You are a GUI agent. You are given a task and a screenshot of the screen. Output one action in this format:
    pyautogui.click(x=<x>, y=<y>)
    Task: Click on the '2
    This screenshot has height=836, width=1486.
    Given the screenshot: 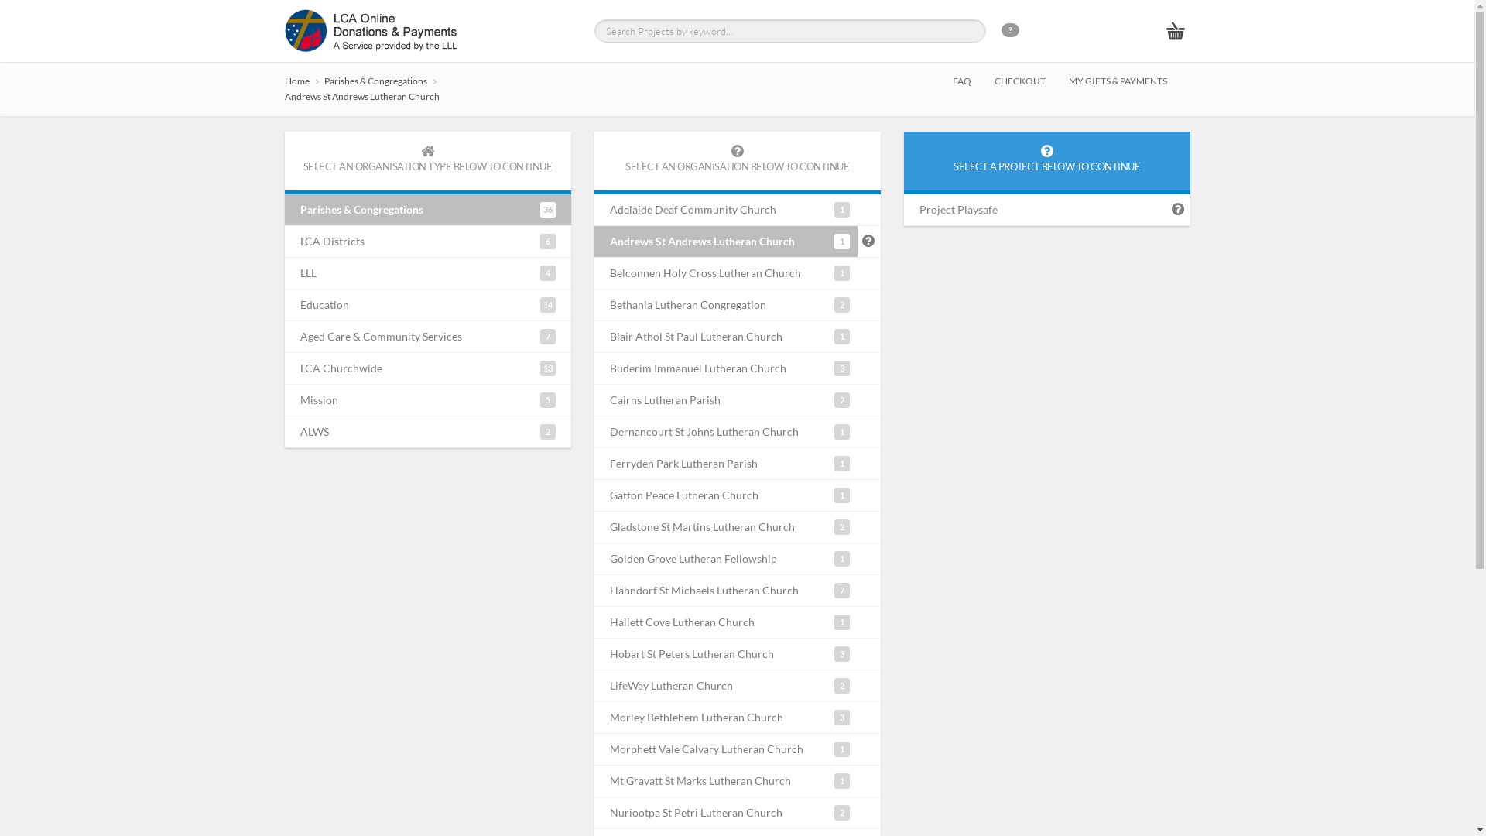 What is the action you would take?
    pyautogui.click(x=724, y=811)
    